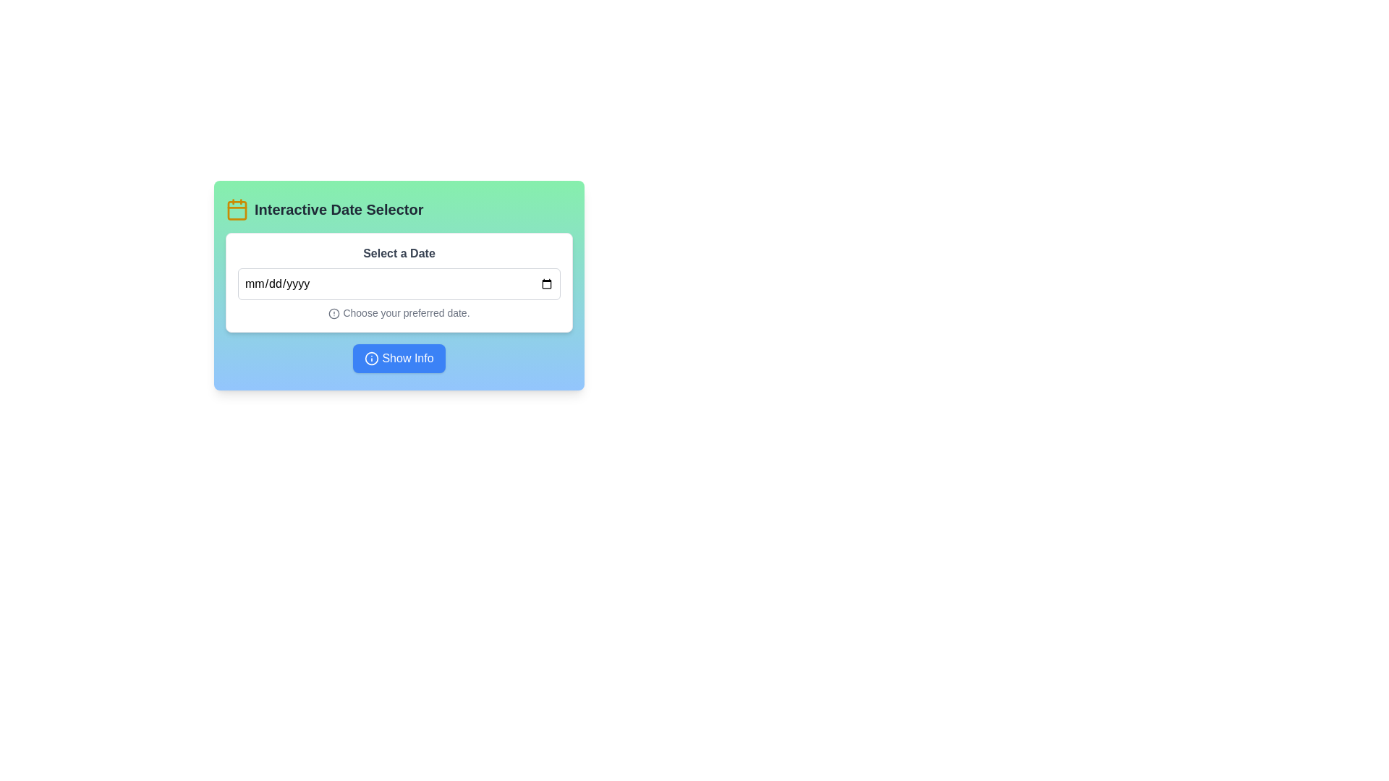 This screenshot has height=781, width=1389. What do you see at coordinates (372, 358) in the screenshot?
I see `the indicative icon located to the left of the 'Show Info' button at the bottom center of the interface` at bounding box center [372, 358].